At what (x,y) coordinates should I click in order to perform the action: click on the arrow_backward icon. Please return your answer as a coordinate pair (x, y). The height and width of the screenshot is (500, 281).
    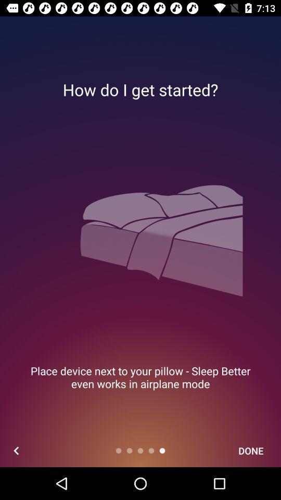
    Looking at the image, I should click on (16, 450).